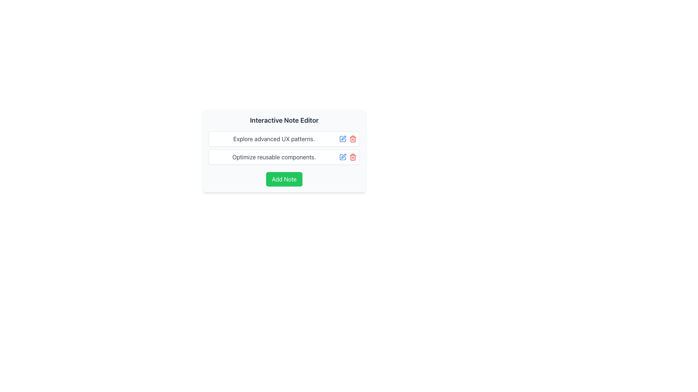  Describe the element at coordinates (353, 156) in the screenshot. I see `the delete icon button located on the right side of the second row in the 'Optimize reusable components.' section` at that location.